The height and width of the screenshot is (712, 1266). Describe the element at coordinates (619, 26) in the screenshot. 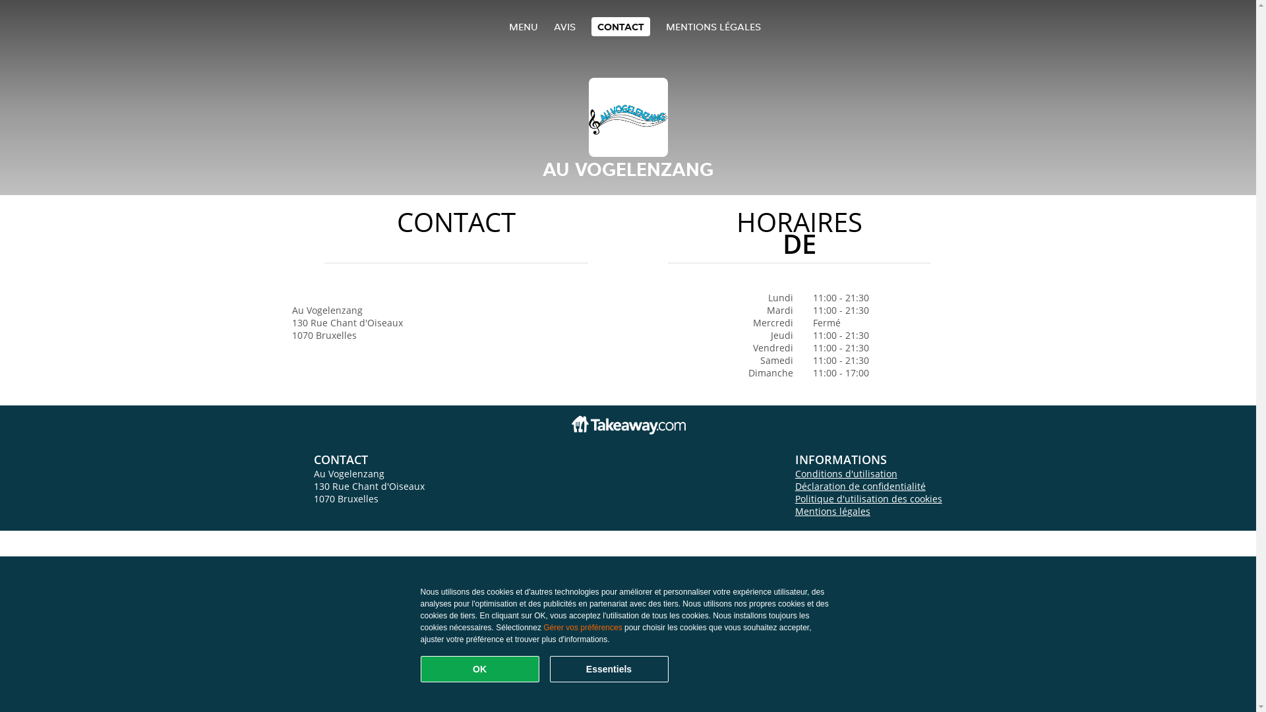

I see `'CONTACT'` at that location.